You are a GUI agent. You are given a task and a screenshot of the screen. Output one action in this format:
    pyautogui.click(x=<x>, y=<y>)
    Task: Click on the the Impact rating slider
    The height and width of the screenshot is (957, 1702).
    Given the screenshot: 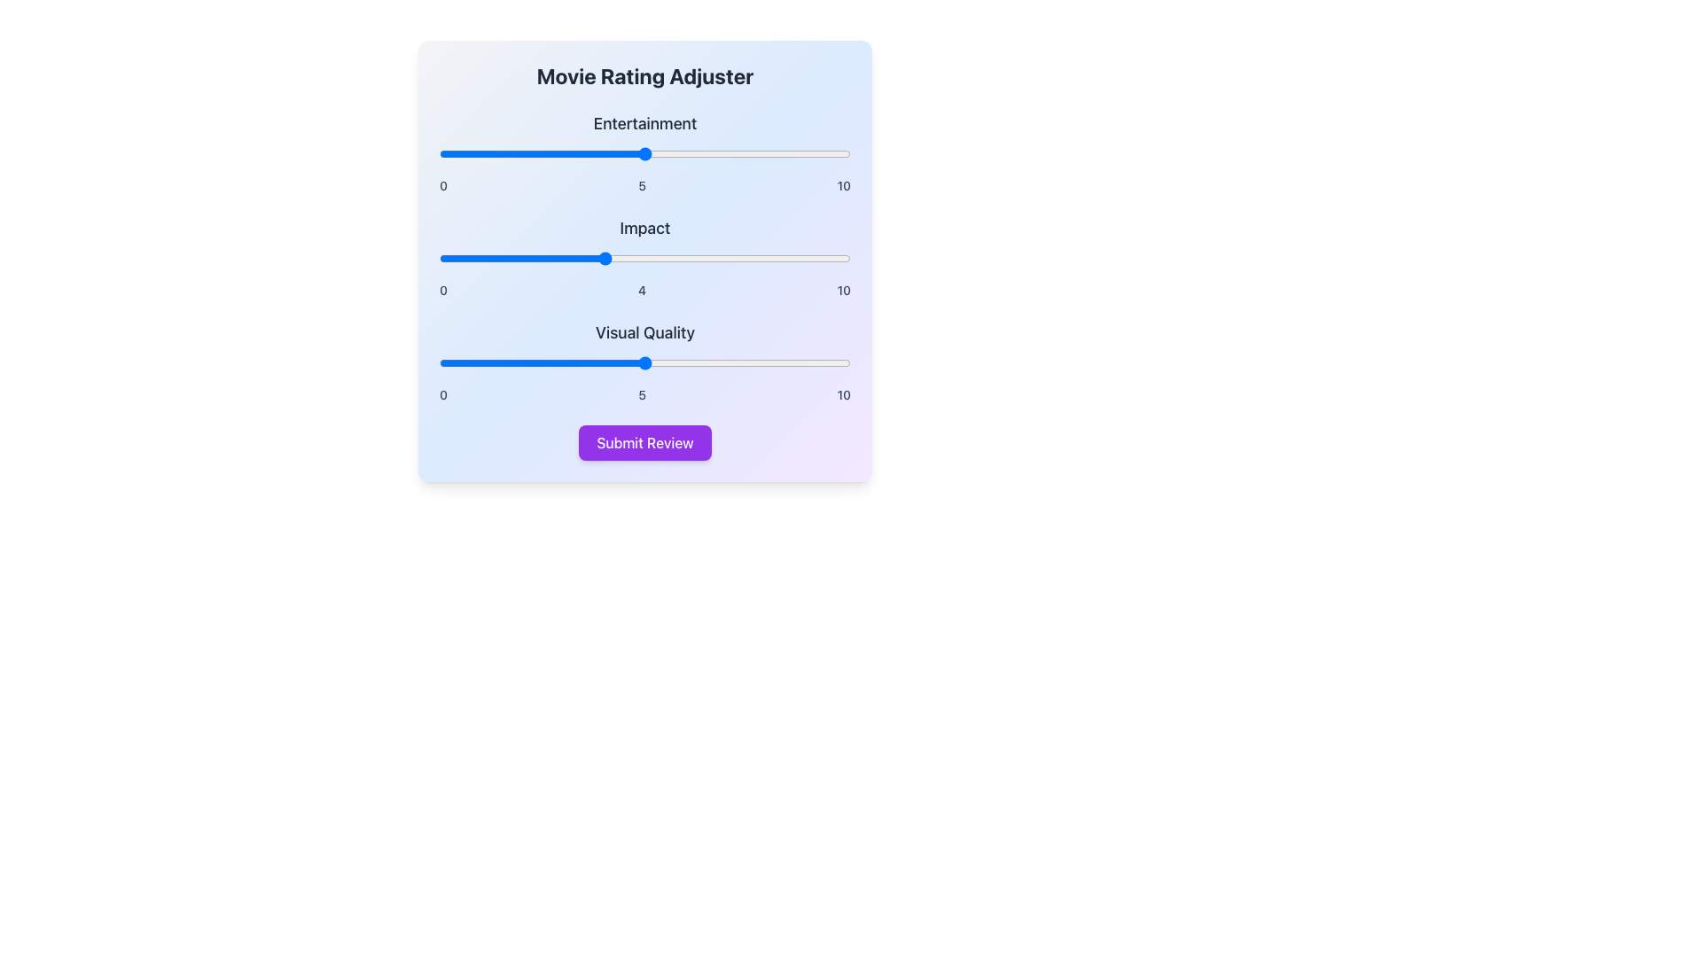 What is the action you would take?
    pyautogui.click(x=604, y=259)
    